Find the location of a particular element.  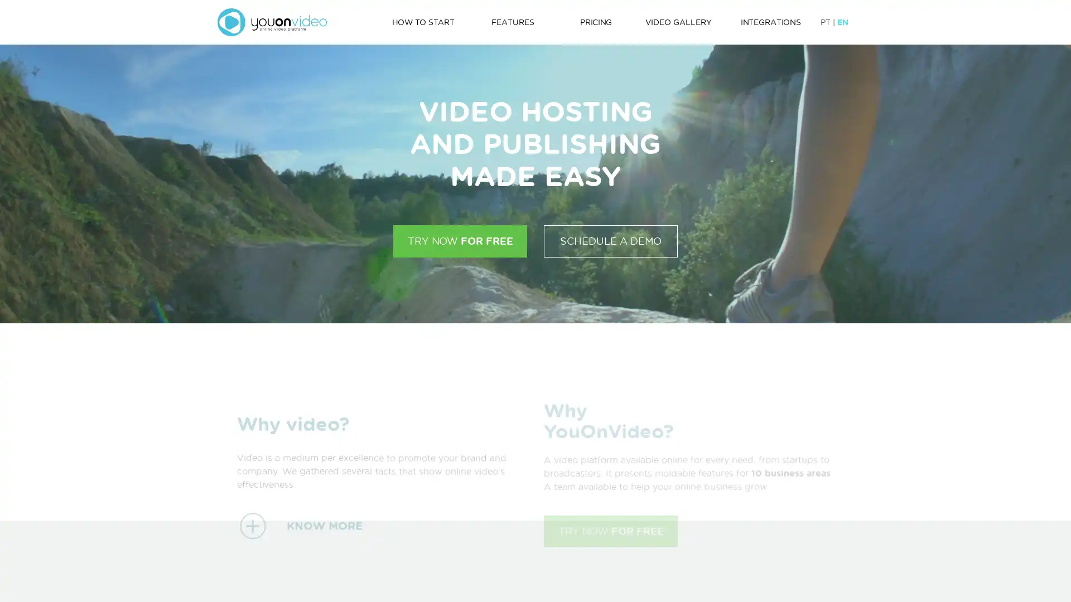

TRY NOW FOR FREE is located at coordinates (460, 240).